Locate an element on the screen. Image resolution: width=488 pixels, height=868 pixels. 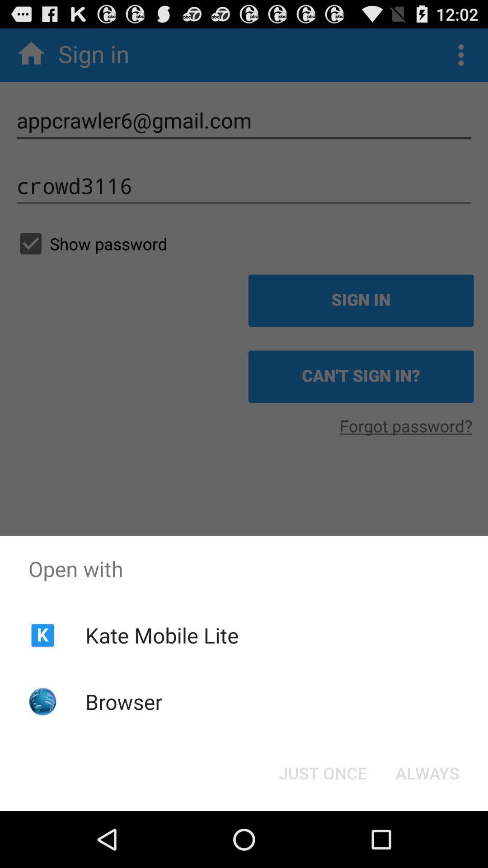
the icon to the left of always icon is located at coordinates (322, 772).